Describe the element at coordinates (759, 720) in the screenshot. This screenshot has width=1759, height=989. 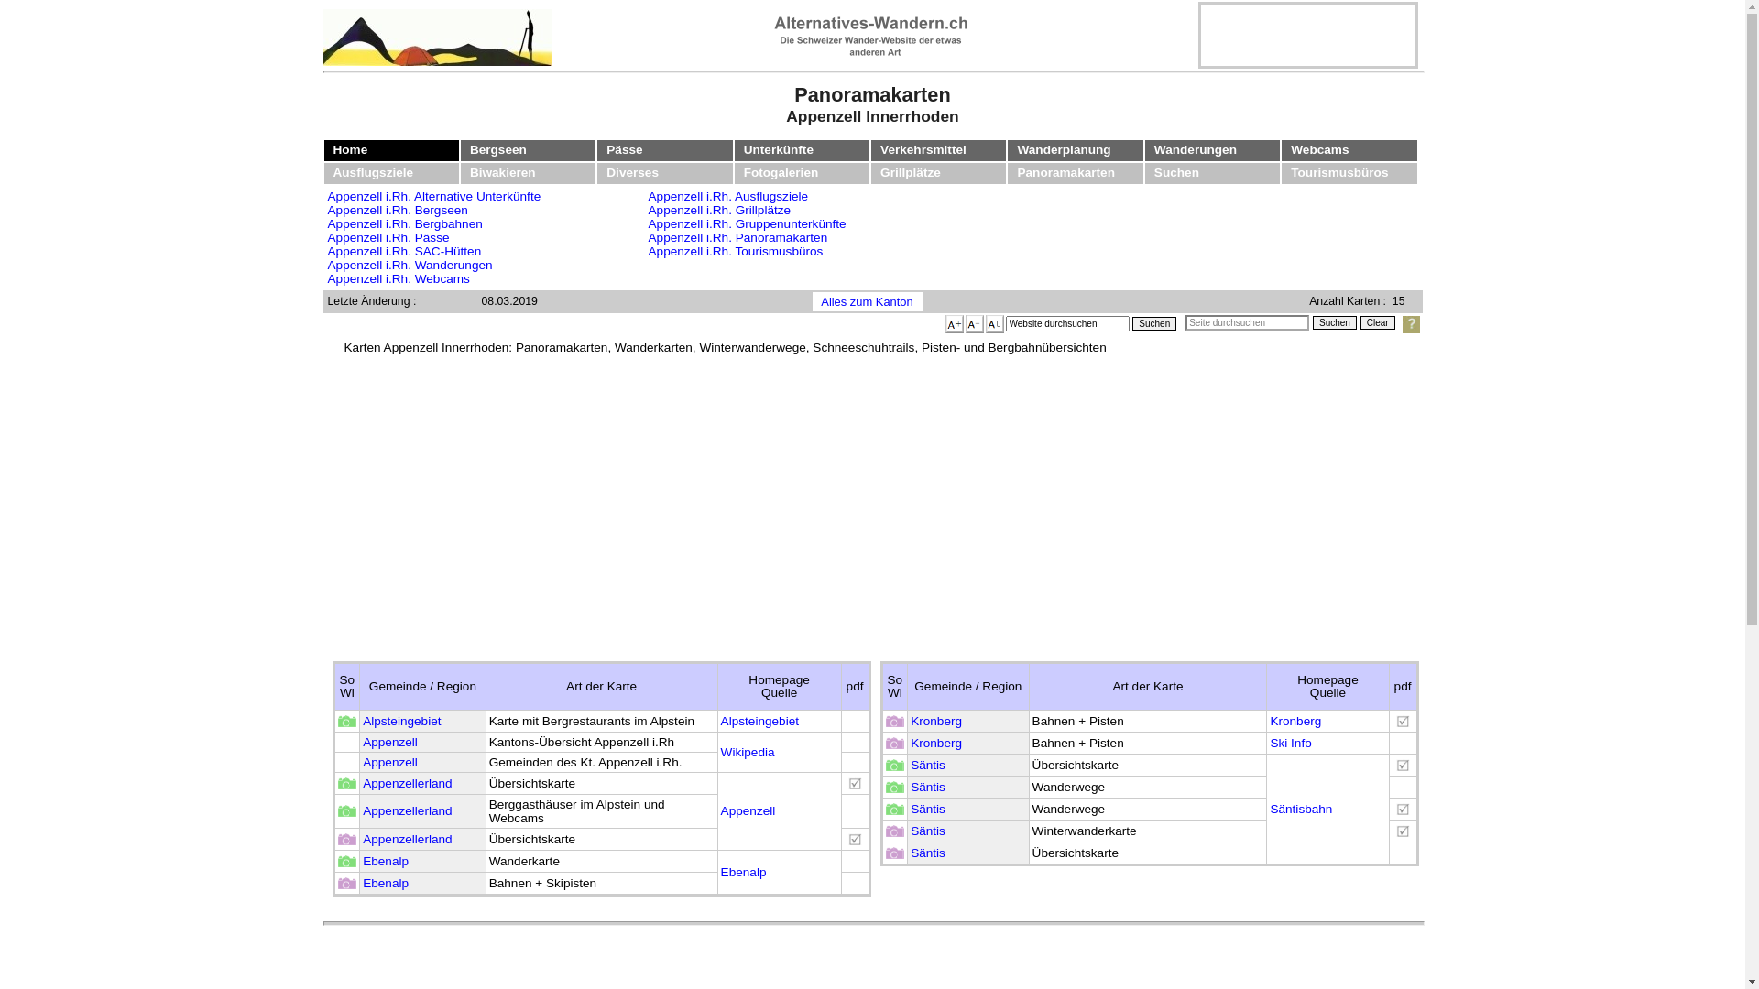
I see `'Alpsteingebiet'` at that location.